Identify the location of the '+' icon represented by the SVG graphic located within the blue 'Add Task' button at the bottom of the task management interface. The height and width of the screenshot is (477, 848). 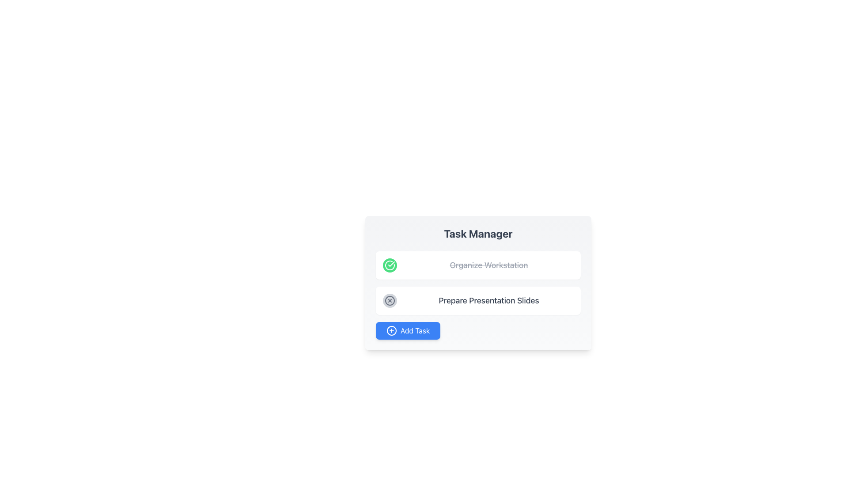
(391, 330).